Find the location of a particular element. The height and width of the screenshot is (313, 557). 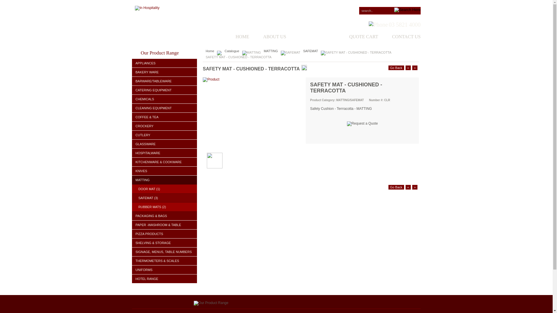

'MATTING' is located at coordinates (270, 51).